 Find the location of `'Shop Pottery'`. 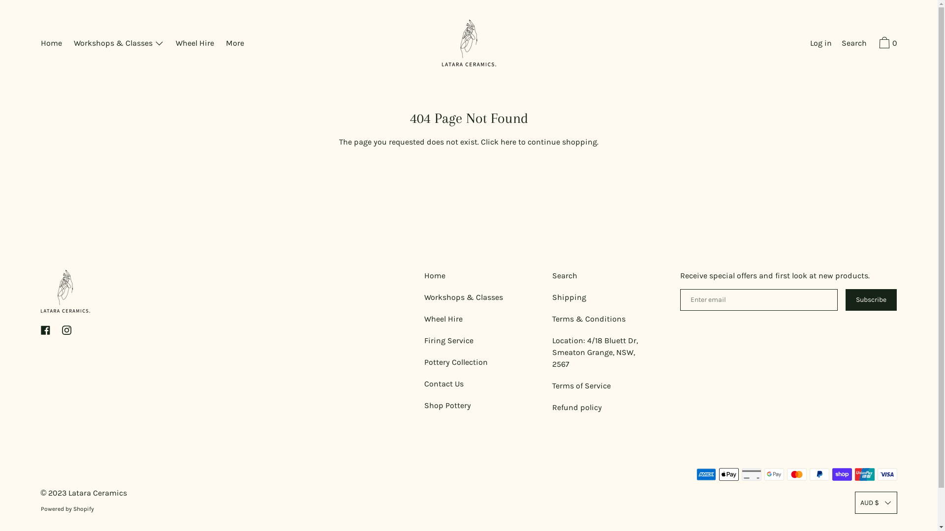

'Shop Pottery' is located at coordinates (447, 406).